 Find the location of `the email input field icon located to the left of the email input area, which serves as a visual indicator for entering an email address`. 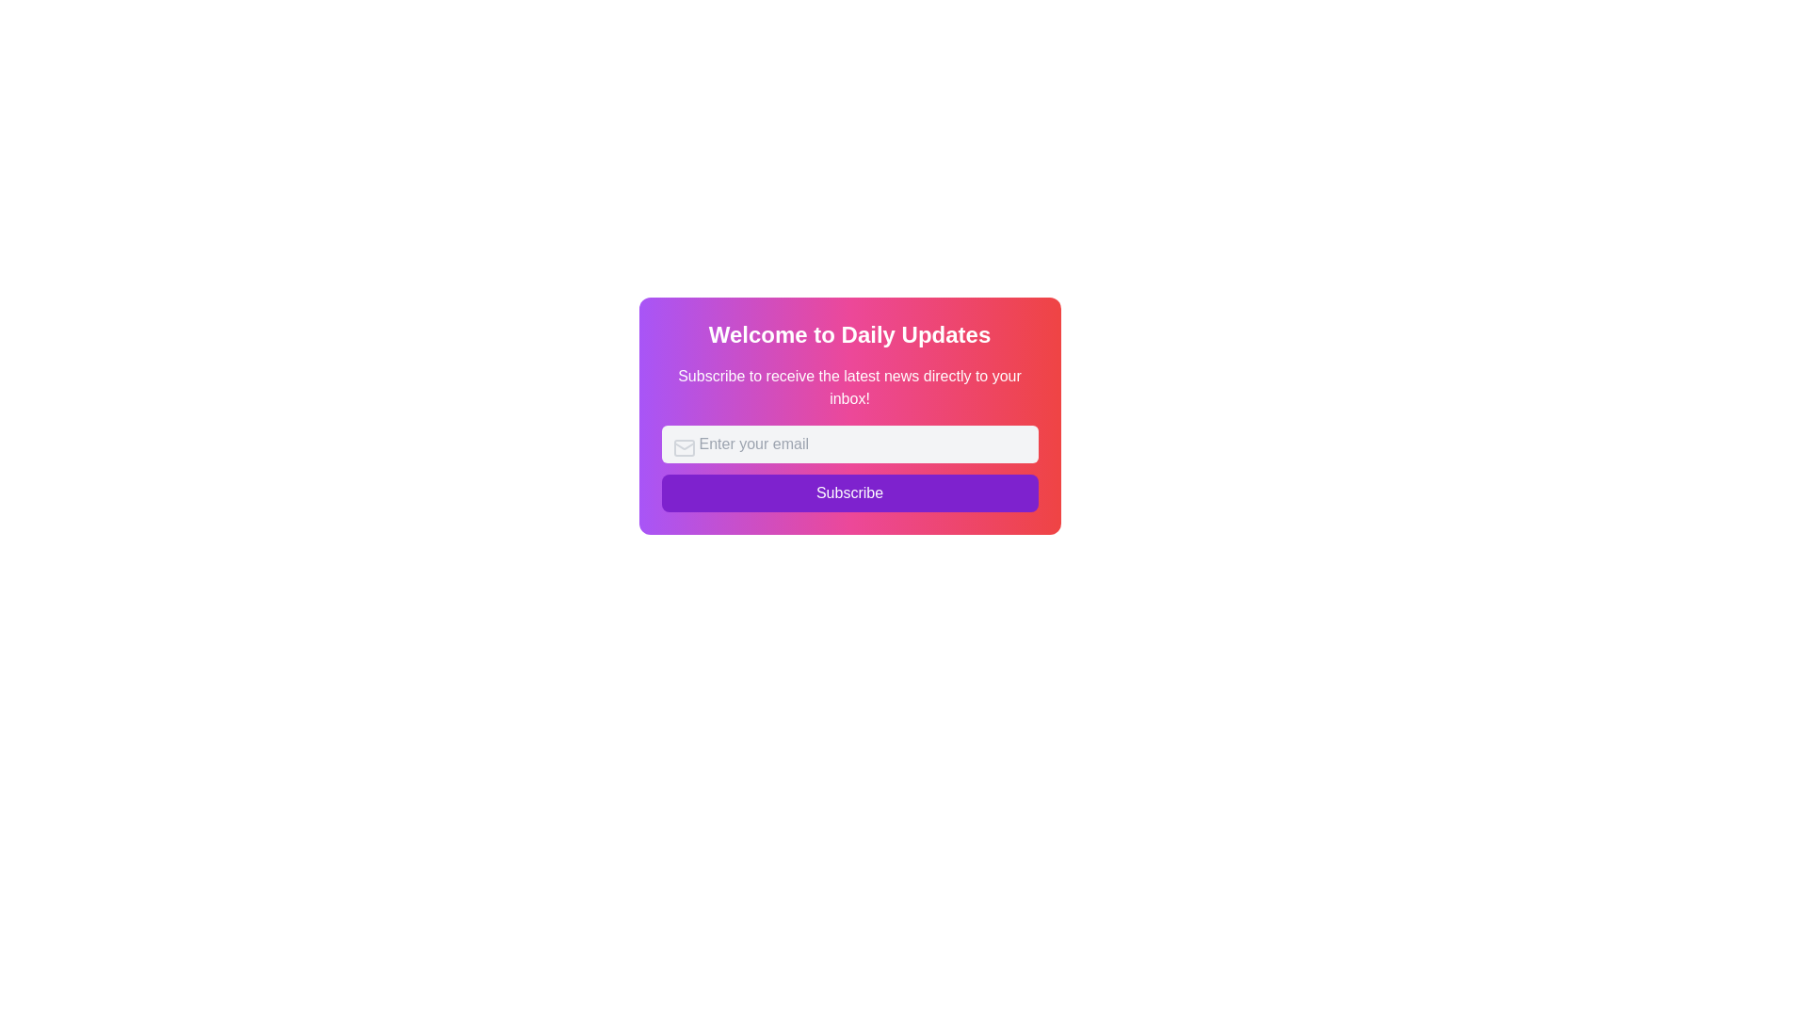

the email input field icon located to the left of the email input area, which serves as a visual indicator for entering an email address is located at coordinates (683, 447).